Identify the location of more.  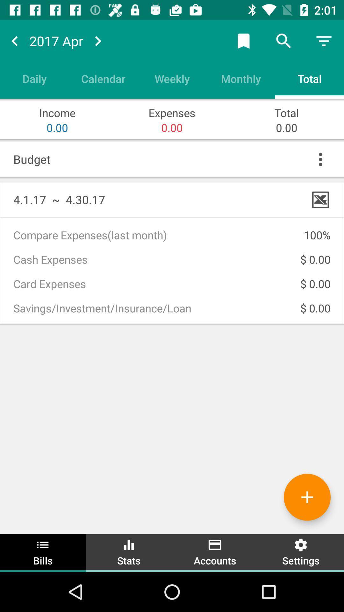
(307, 497).